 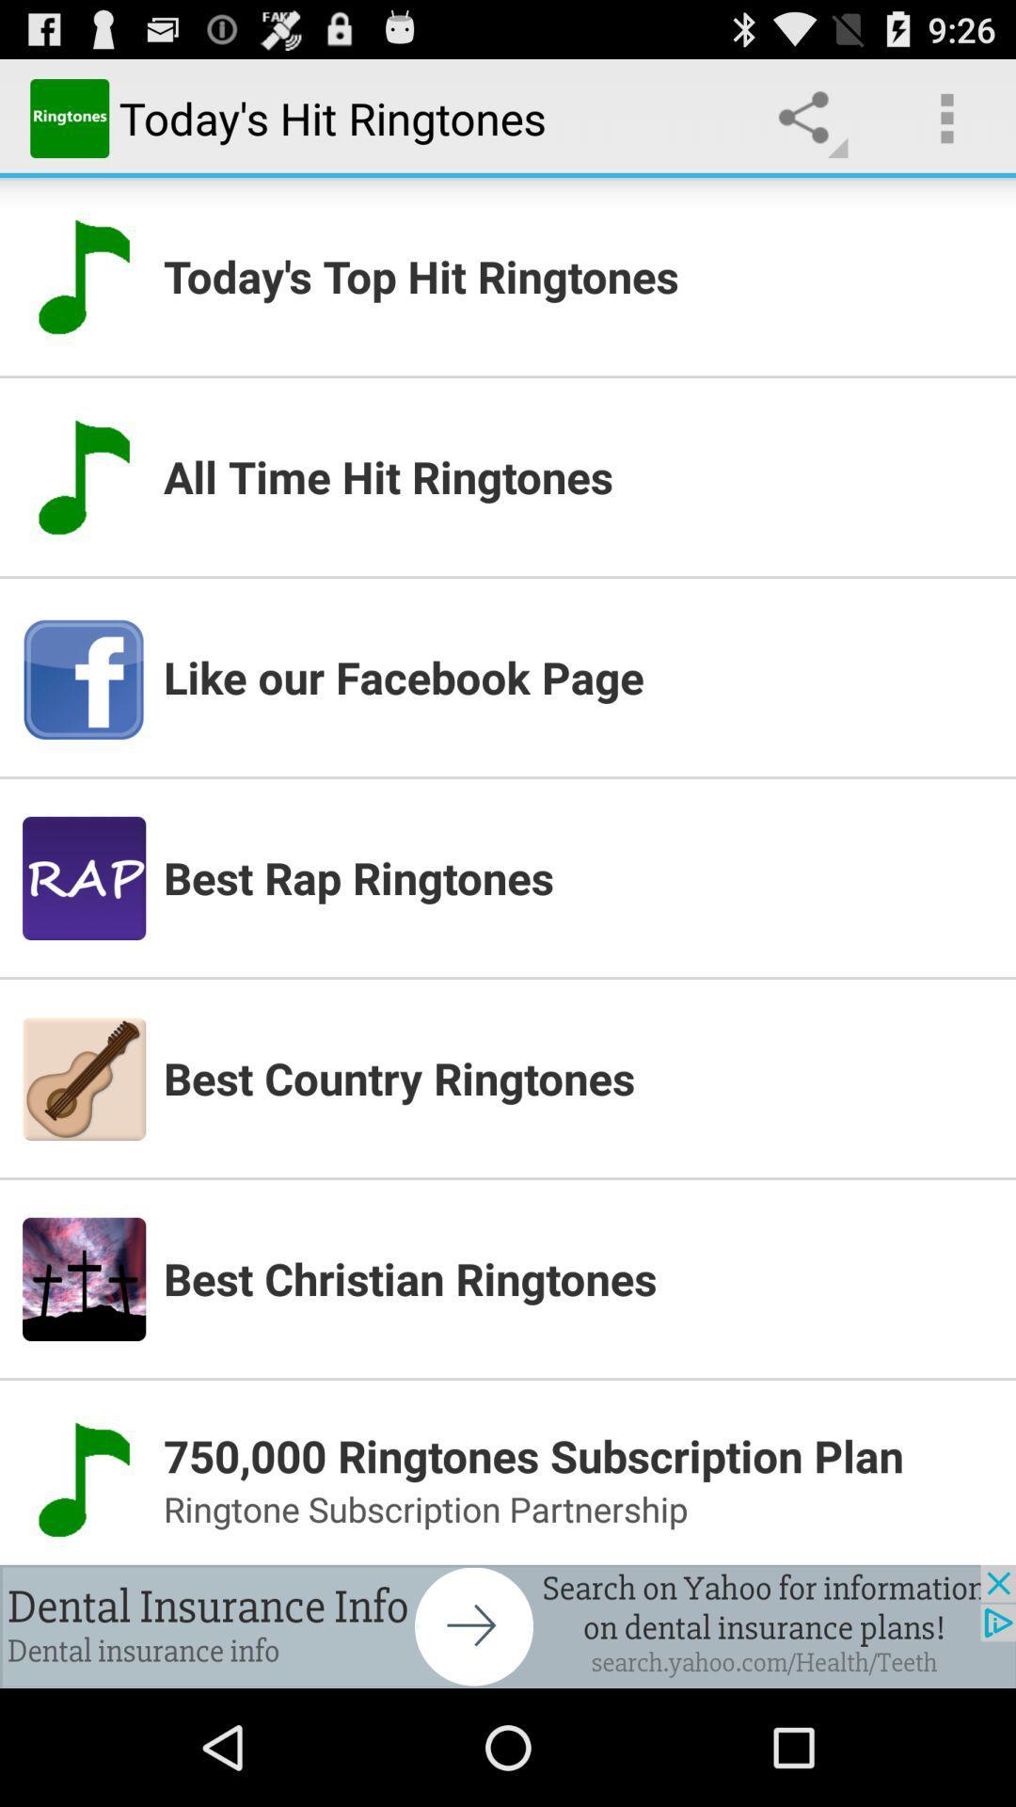 I want to click on connect to advertisement, so click(x=508, y=1625).